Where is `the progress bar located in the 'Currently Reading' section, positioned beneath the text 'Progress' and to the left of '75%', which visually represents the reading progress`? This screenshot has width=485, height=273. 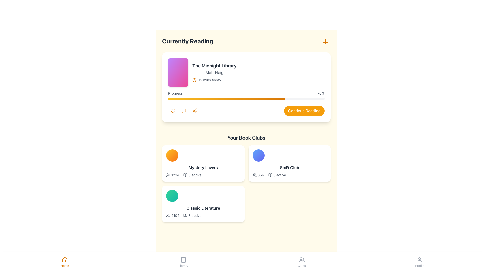 the progress bar located in the 'Currently Reading' section, positioned beneath the text 'Progress' and to the left of '75%', which visually represents the reading progress is located at coordinates (246, 99).